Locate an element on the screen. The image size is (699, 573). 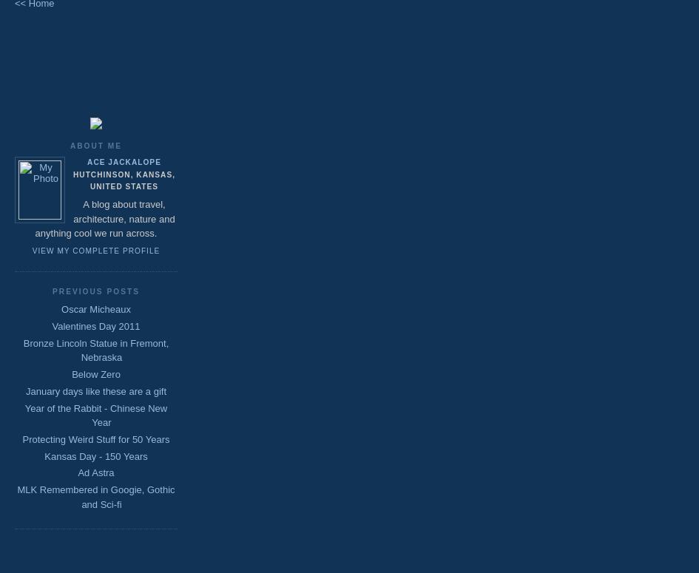
'View my complete profile' is located at coordinates (95, 250).